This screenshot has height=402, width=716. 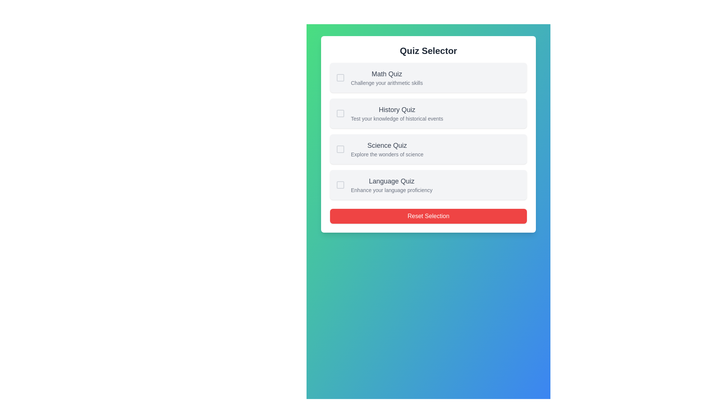 I want to click on 'Reset Selection' button to clear all selections, so click(x=428, y=216).